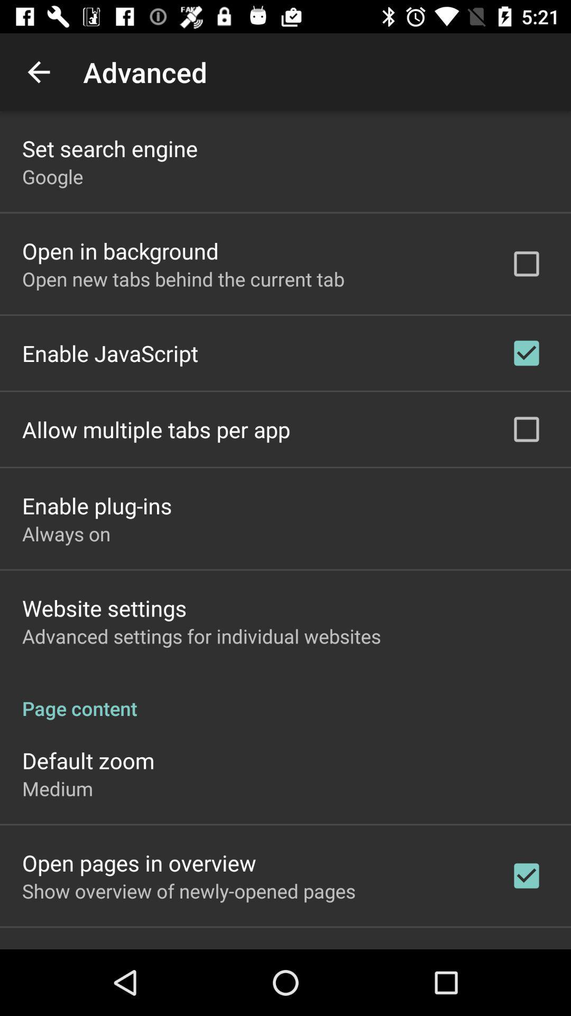  Describe the element at coordinates (110, 353) in the screenshot. I see `enable javascript item` at that location.